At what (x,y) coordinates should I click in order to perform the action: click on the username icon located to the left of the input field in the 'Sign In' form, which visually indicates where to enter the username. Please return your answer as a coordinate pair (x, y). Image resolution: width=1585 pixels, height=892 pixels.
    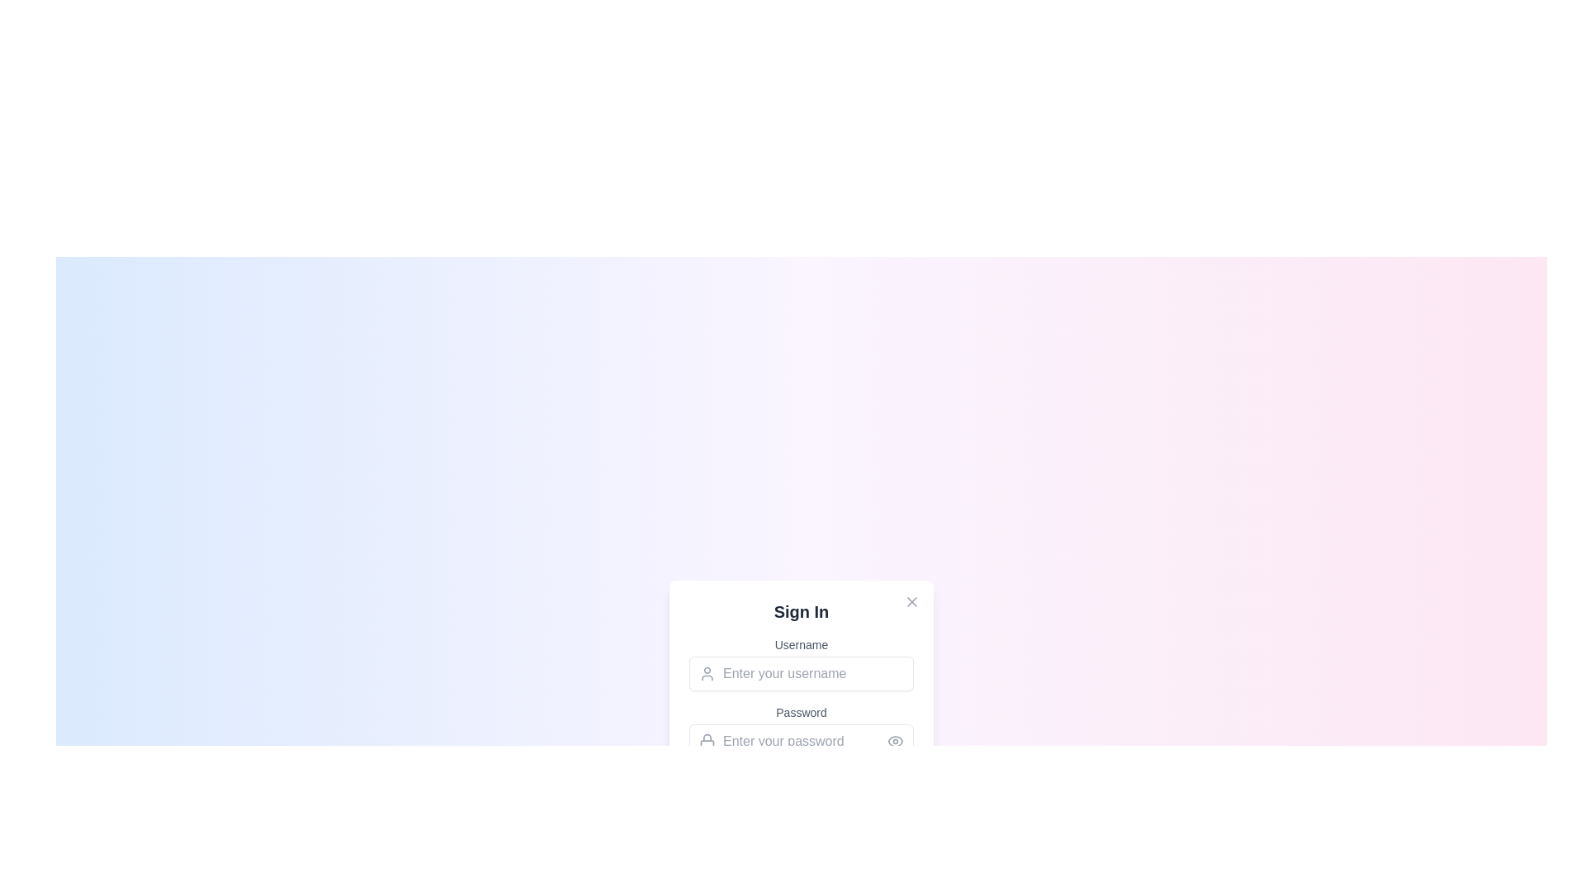
    Looking at the image, I should click on (707, 674).